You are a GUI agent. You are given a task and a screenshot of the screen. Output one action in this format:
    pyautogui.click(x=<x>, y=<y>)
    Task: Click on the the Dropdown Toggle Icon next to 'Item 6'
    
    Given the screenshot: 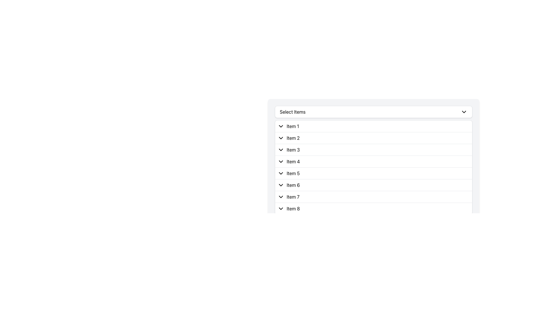 What is the action you would take?
    pyautogui.click(x=281, y=185)
    